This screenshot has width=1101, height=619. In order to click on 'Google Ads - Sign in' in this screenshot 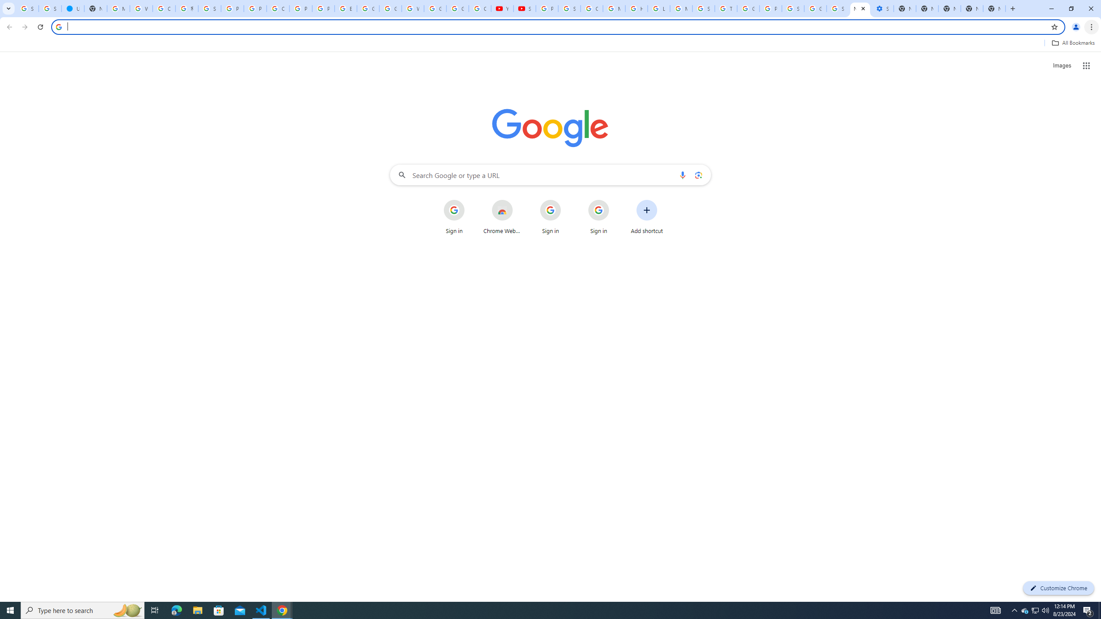, I will do `click(747, 8)`.